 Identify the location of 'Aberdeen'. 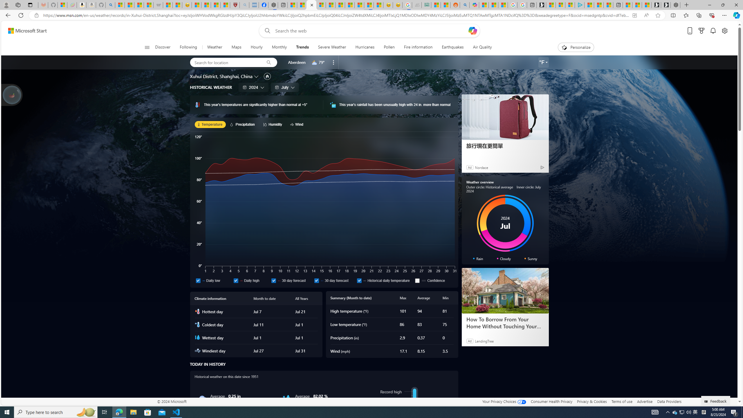
(297, 62).